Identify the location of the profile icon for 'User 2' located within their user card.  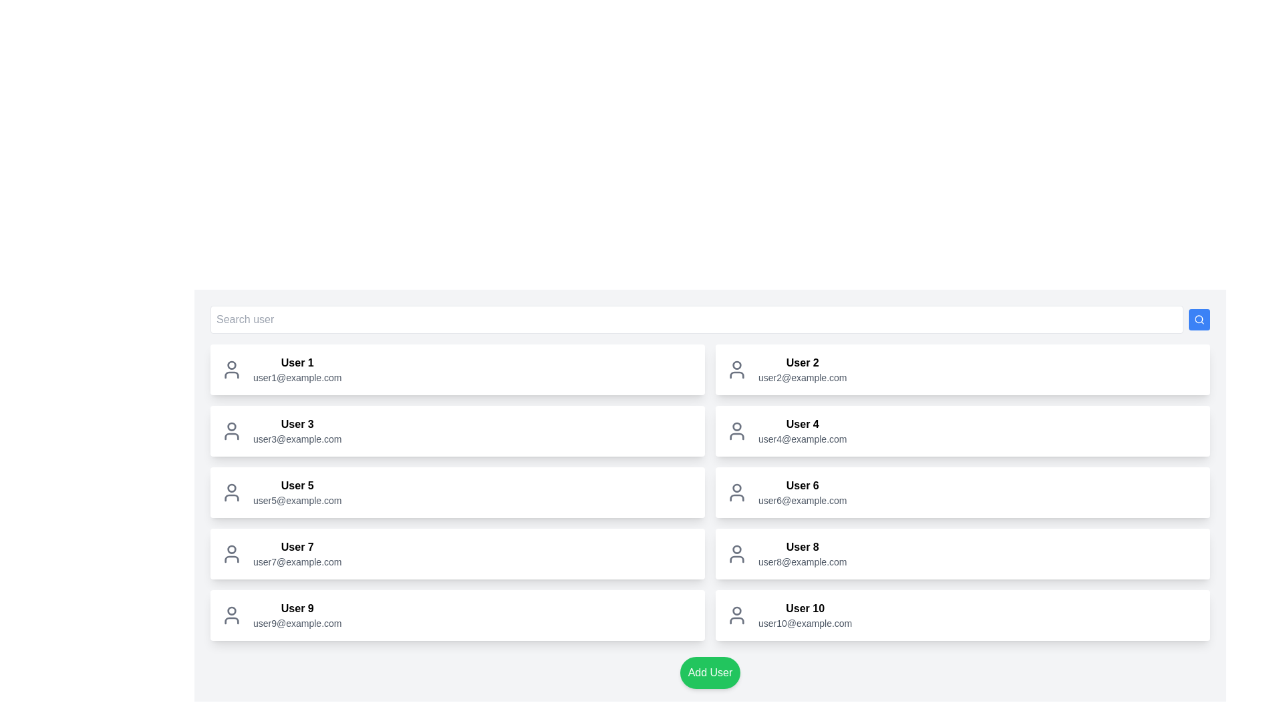
(736, 370).